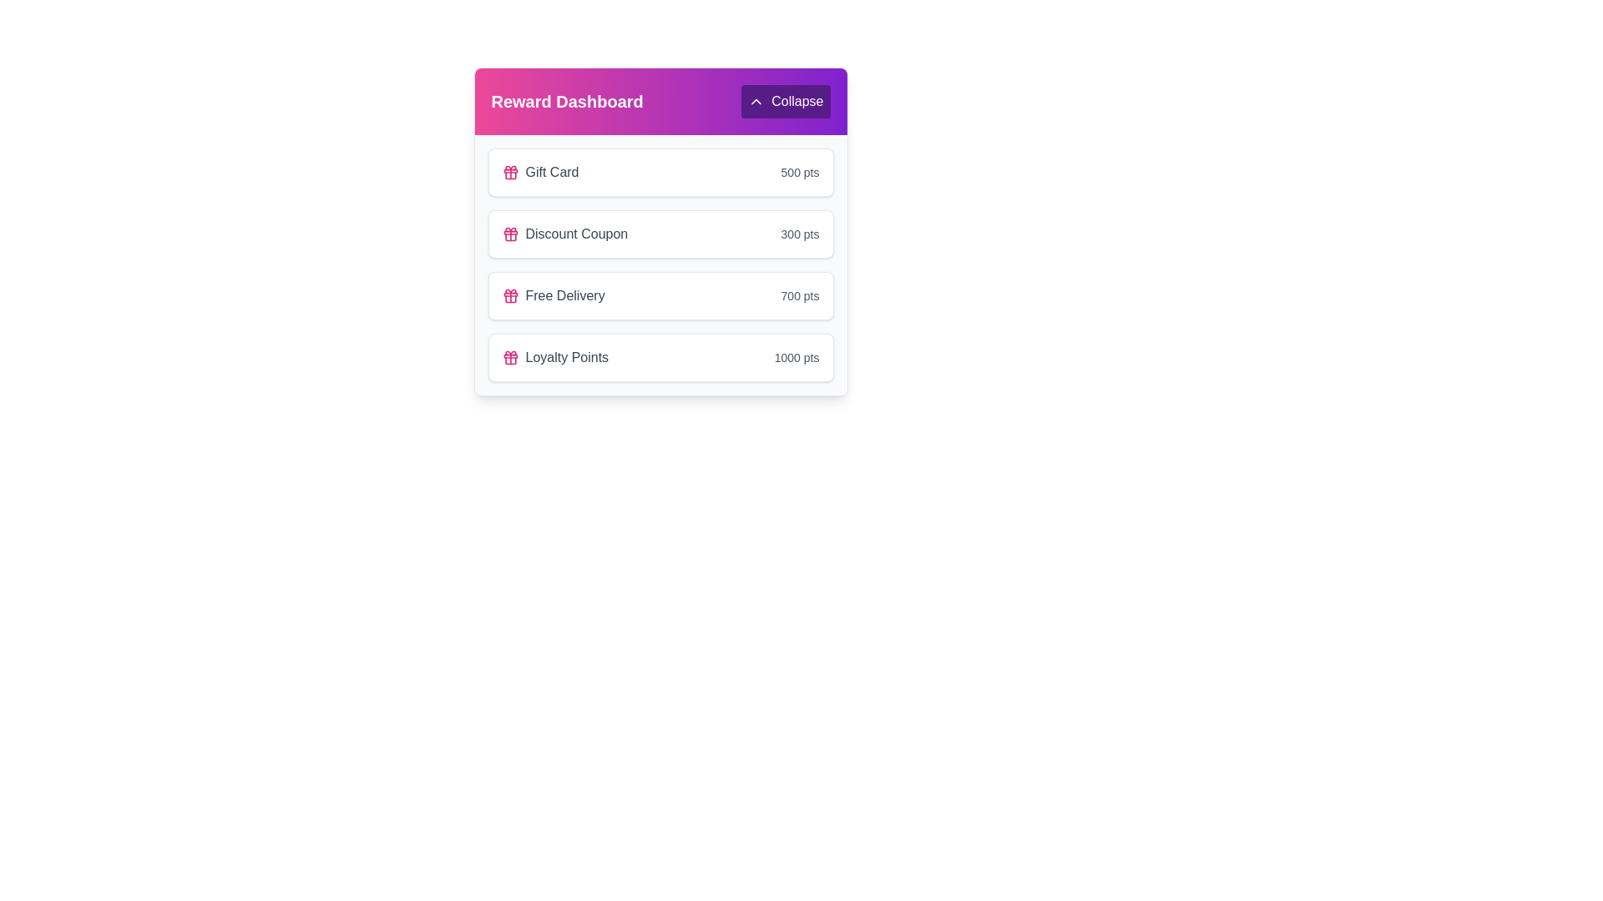  Describe the element at coordinates (799, 234) in the screenshot. I see `the text label displaying '300 pts', which is a point value label in the reward system interface and is aligned with 'Discount Coupon'` at that location.